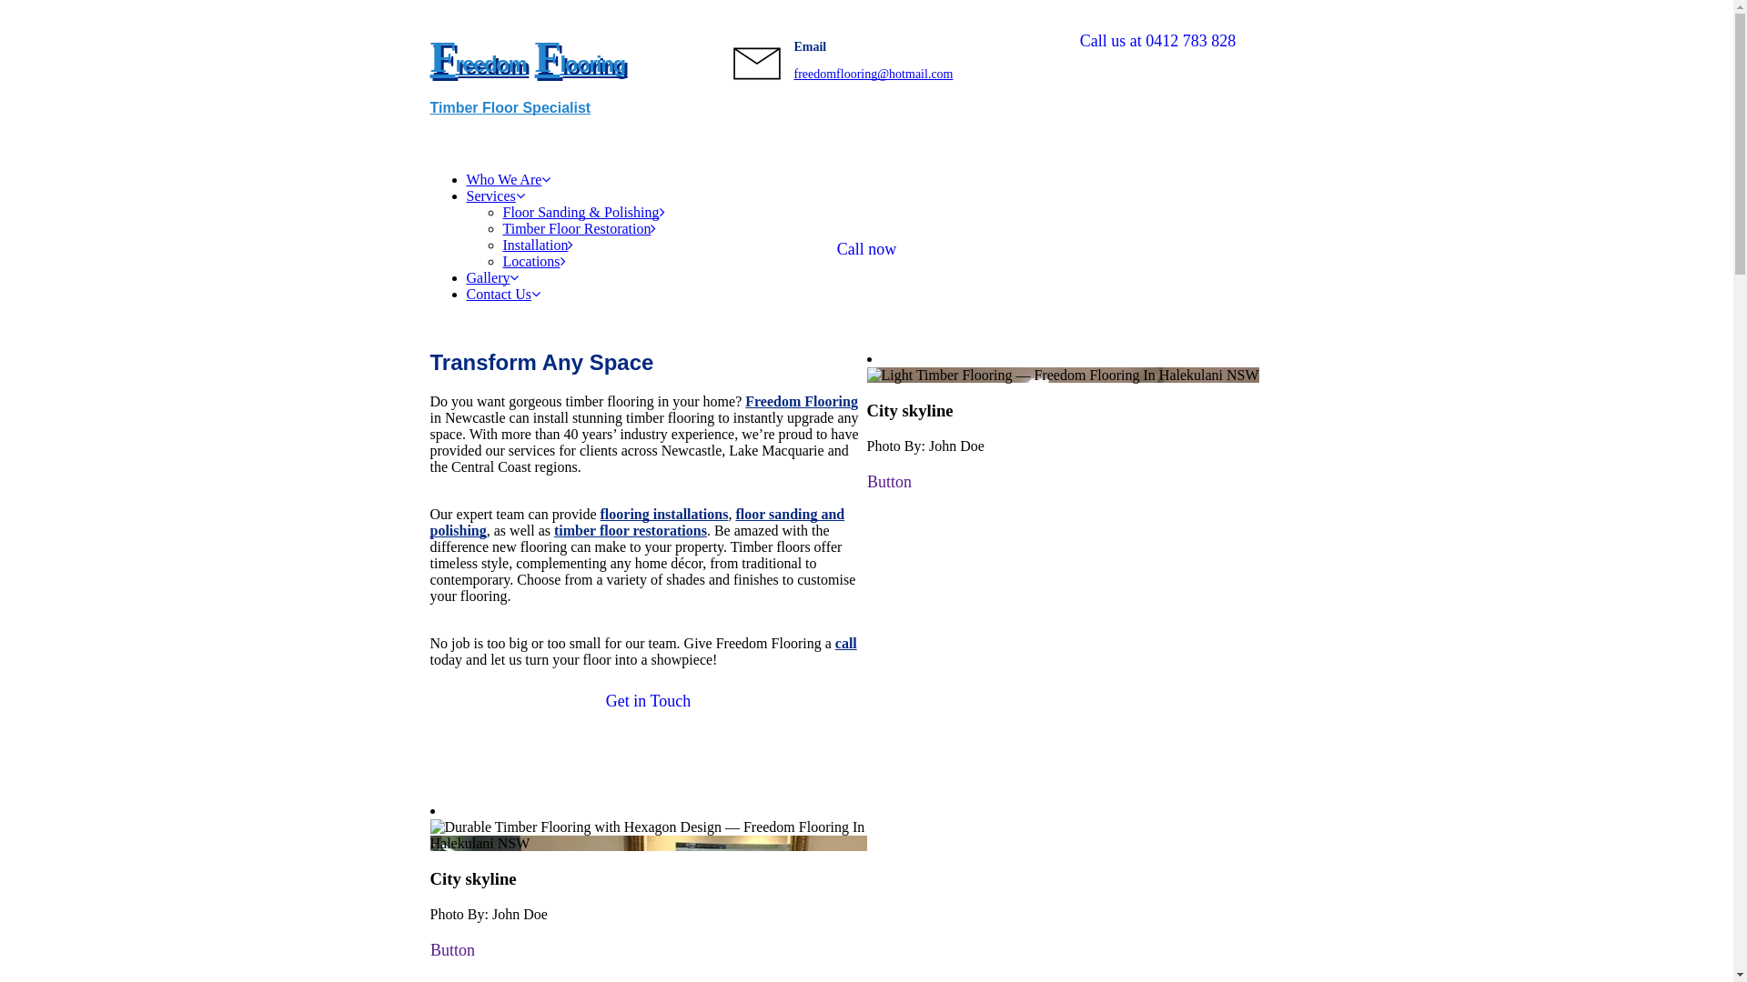 The height and width of the screenshot is (982, 1747). What do you see at coordinates (532, 261) in the screenshot?
I see `'Locations'` at bounding box center [532, 261].